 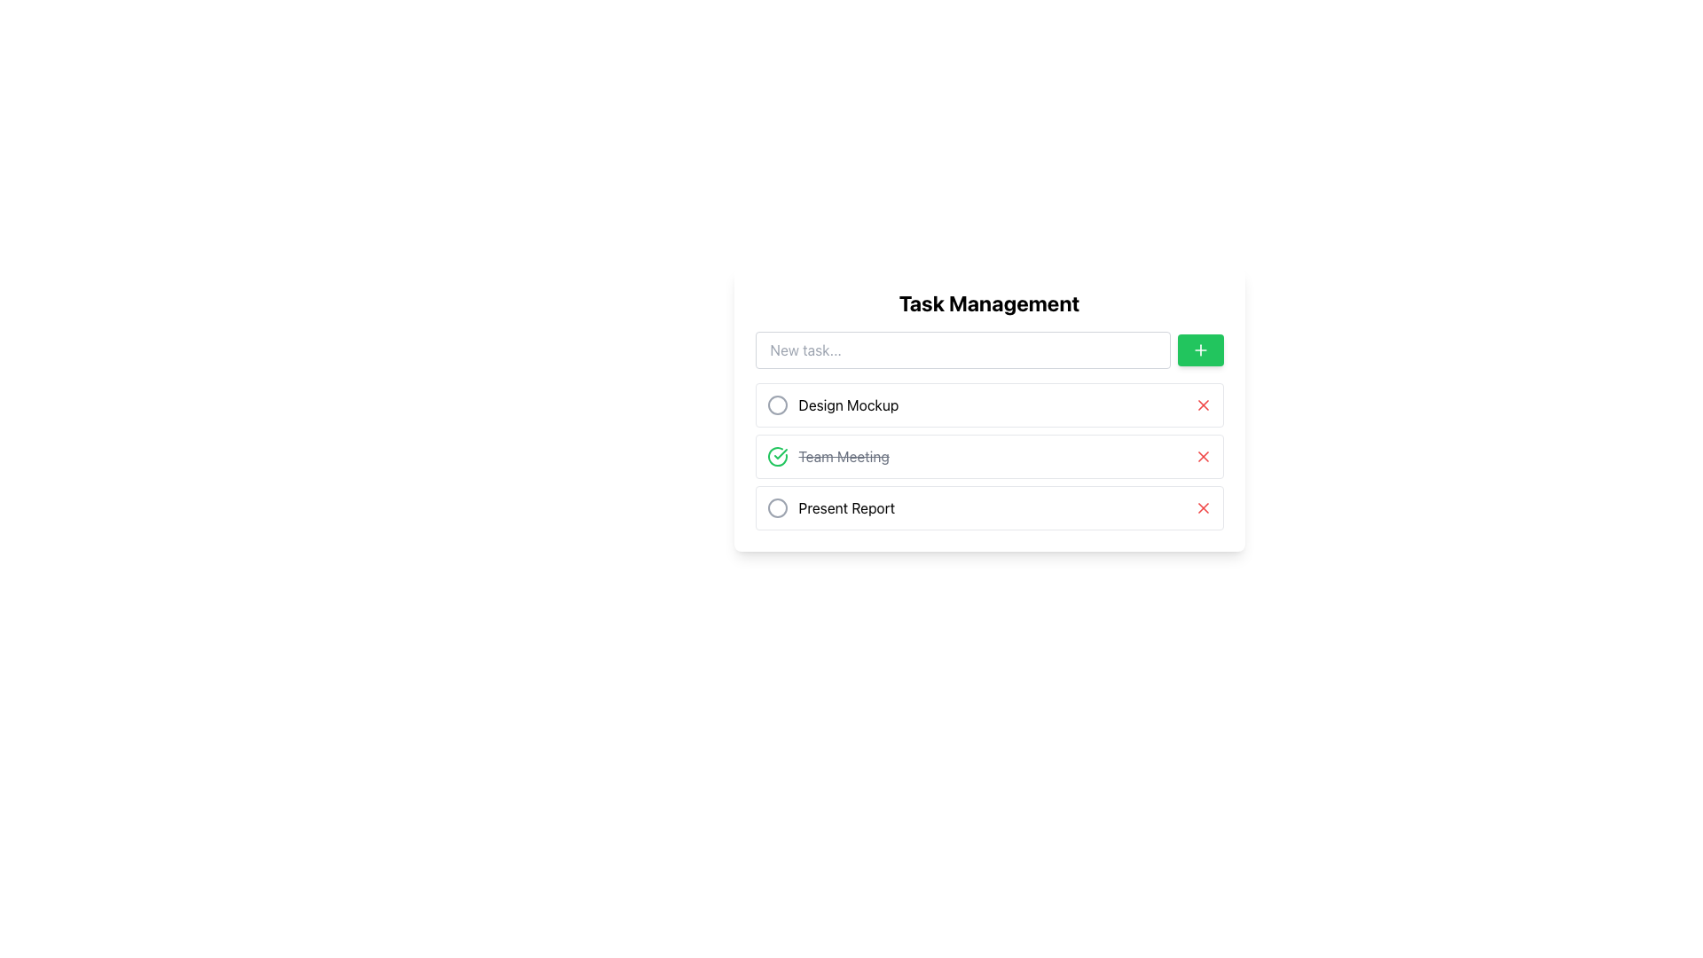 What do you see at coordinates (845, 508) in the screenshot?
I see `title of the task indicated by the text label that is the third item in the task list below 'Team Meeting'` at bounding box center [845, 508].